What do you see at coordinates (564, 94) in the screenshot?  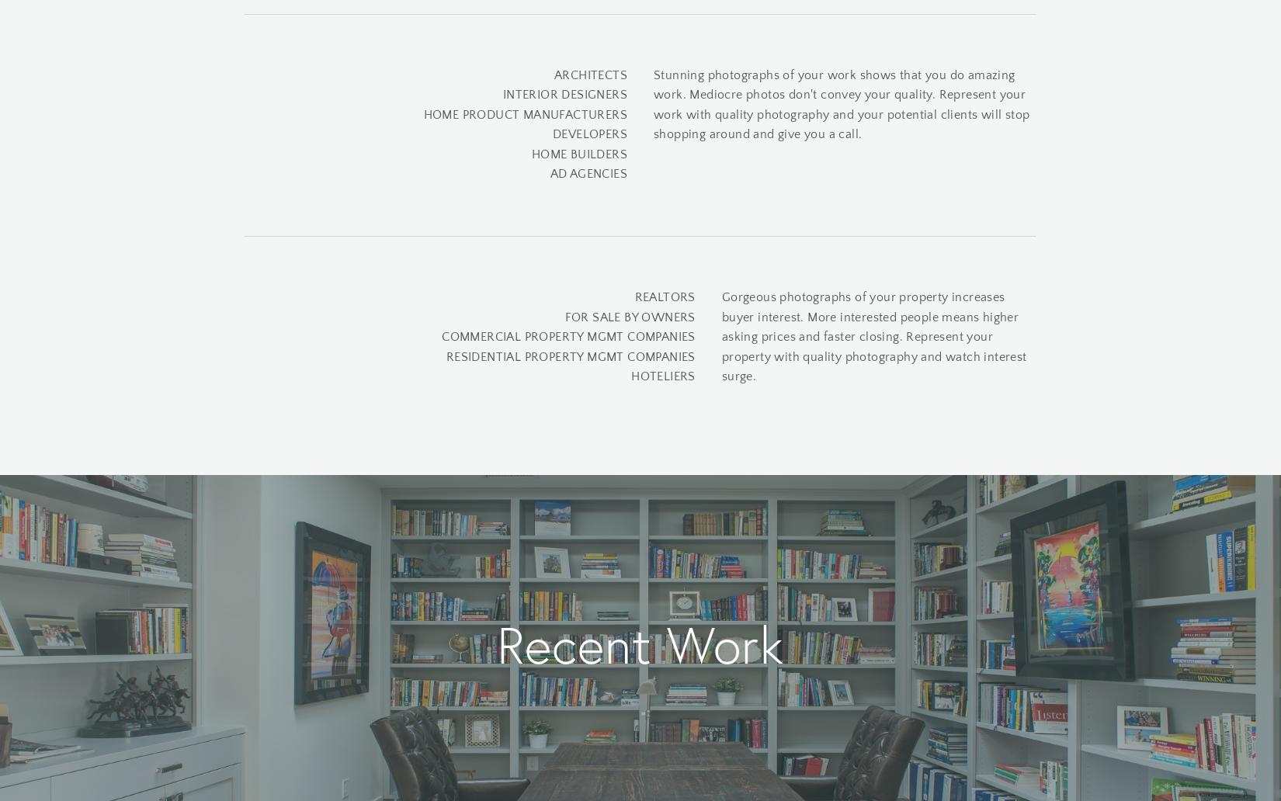 I see `'INTERIOR DESIGNERS'` at bounding box center [564, 94].